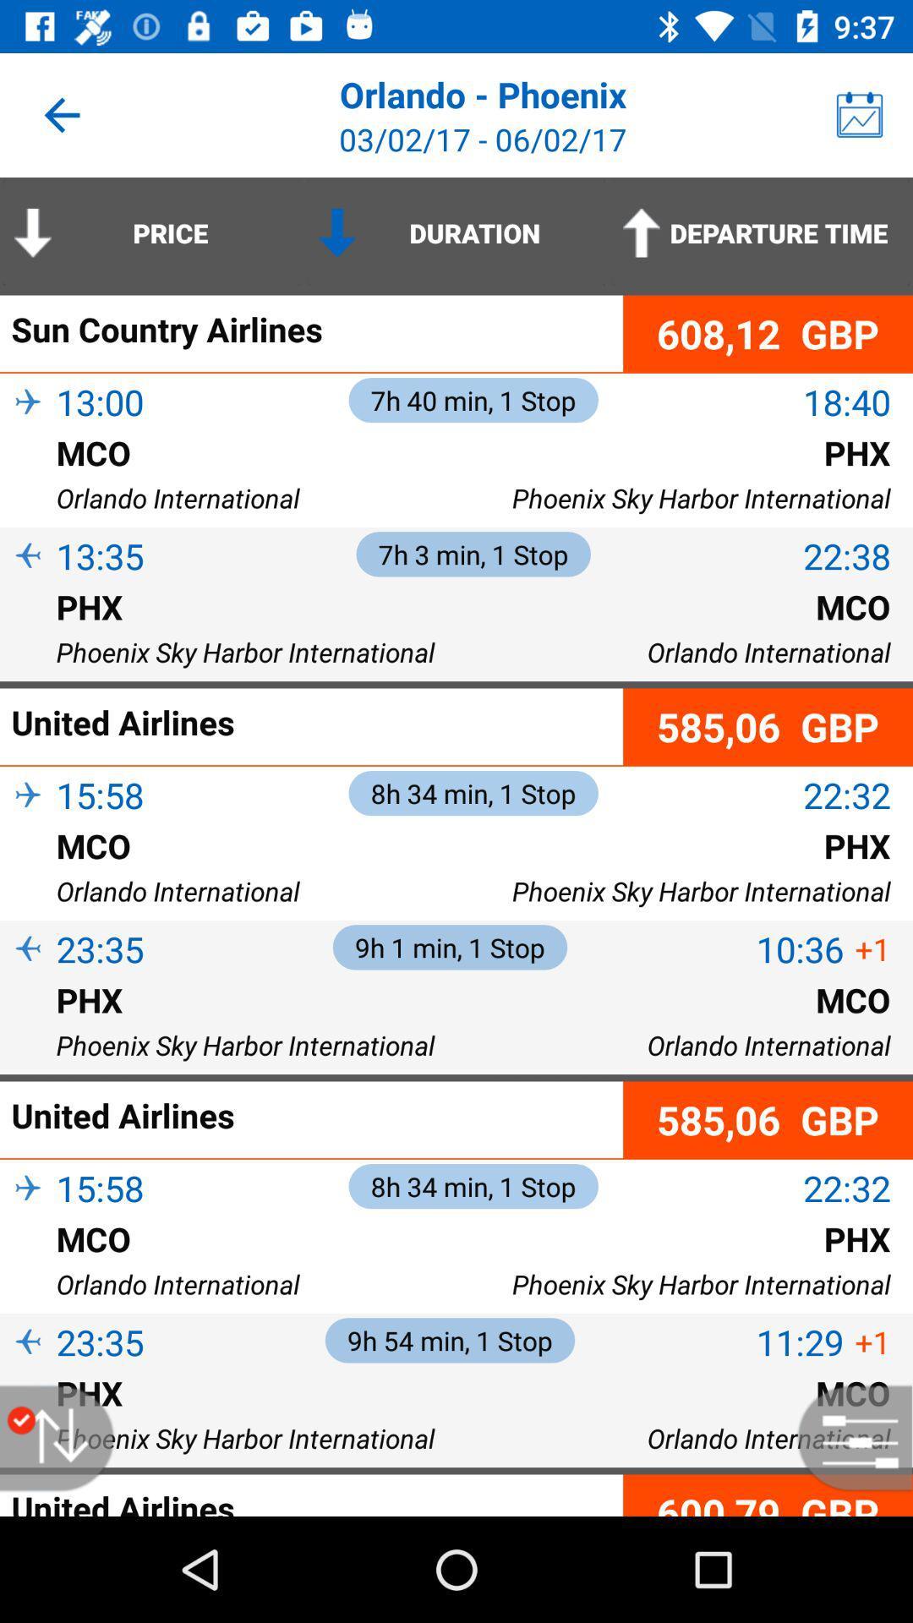  I want to click on scroll page, so click(65, 1437).